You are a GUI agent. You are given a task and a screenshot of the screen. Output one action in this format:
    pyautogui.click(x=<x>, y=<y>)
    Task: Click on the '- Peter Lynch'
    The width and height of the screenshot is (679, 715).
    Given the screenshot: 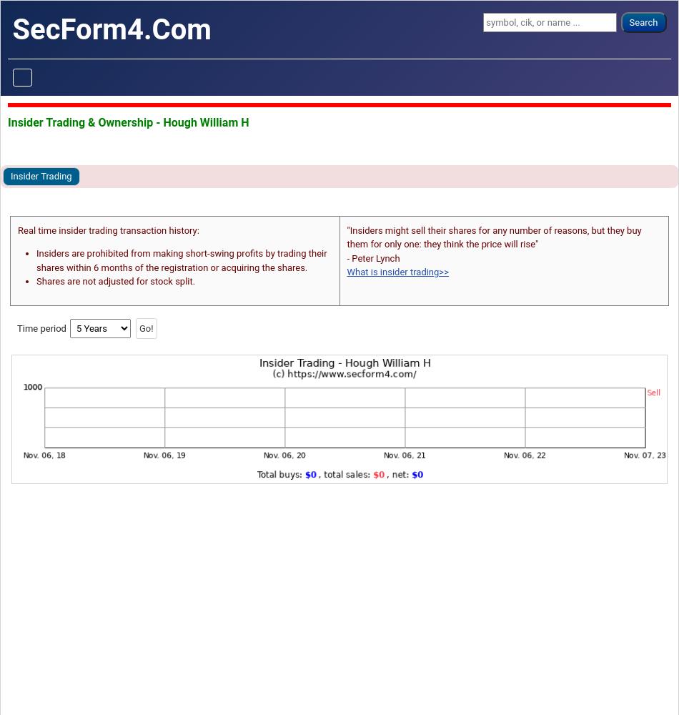 What is the action you would take?
    pyautogui.click(x=346, y=257)
    